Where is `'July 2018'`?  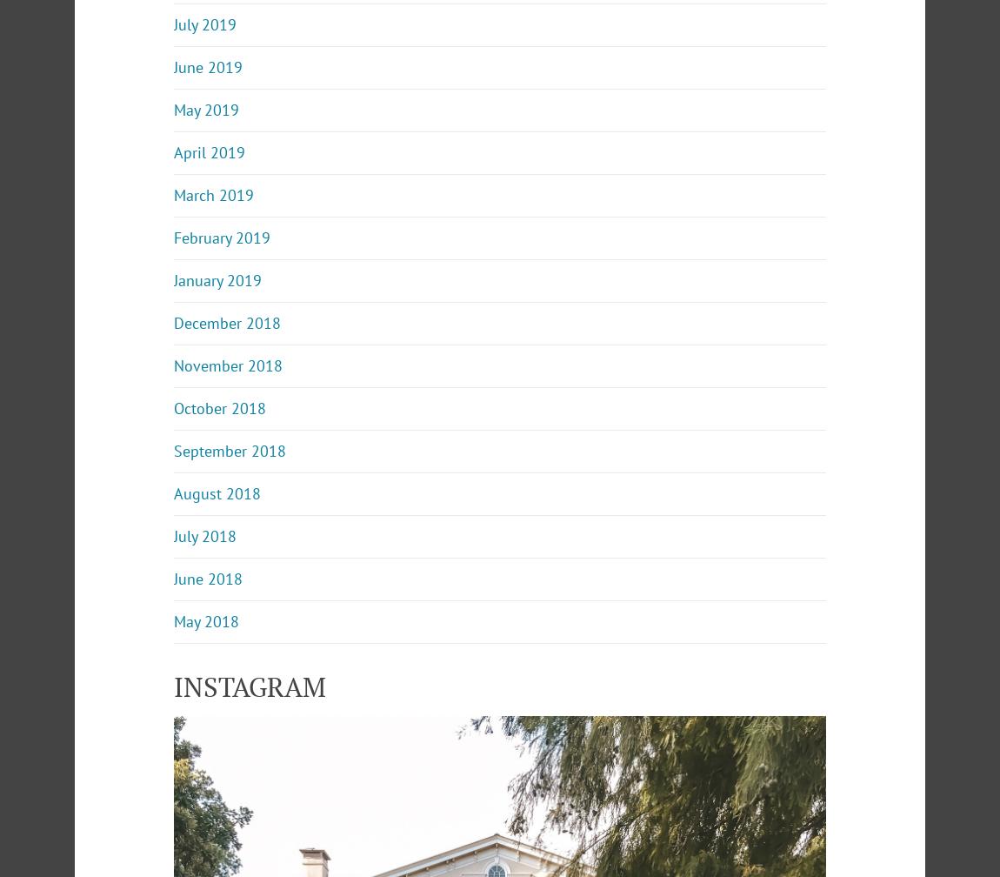 'July 2018' is located at coordinates (172, 536).